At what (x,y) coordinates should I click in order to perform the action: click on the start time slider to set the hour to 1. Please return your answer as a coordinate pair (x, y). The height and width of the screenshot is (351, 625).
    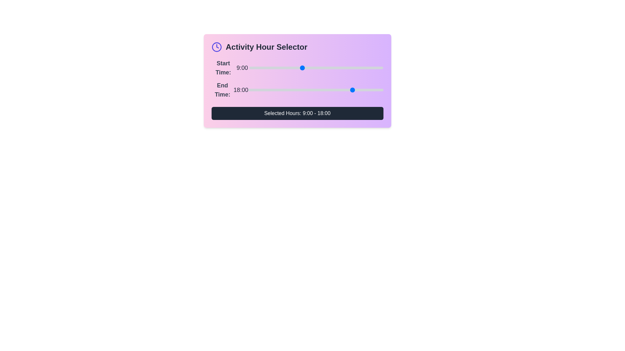
    Looking at the image, I should click on (255, 68).